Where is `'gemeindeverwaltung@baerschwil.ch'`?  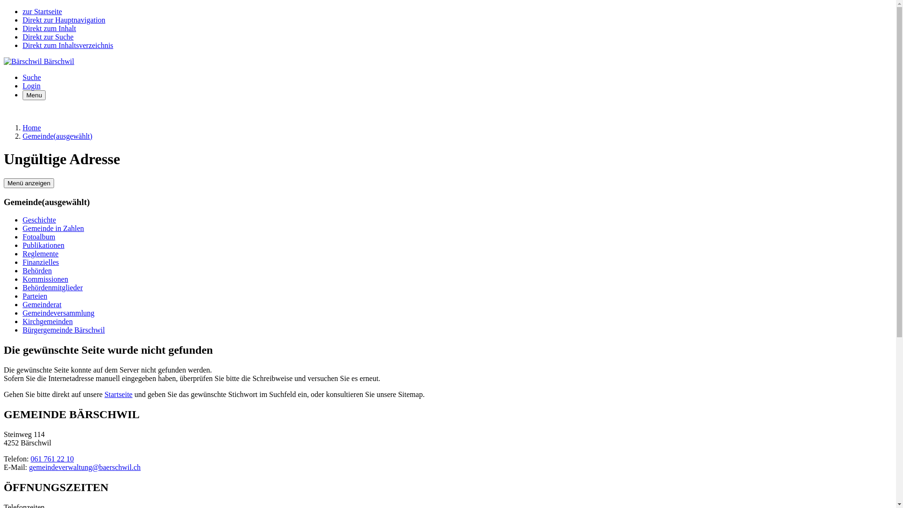 'gemeindeverwaltung@baerschwil.ch' is located at coordinates (85, 467).